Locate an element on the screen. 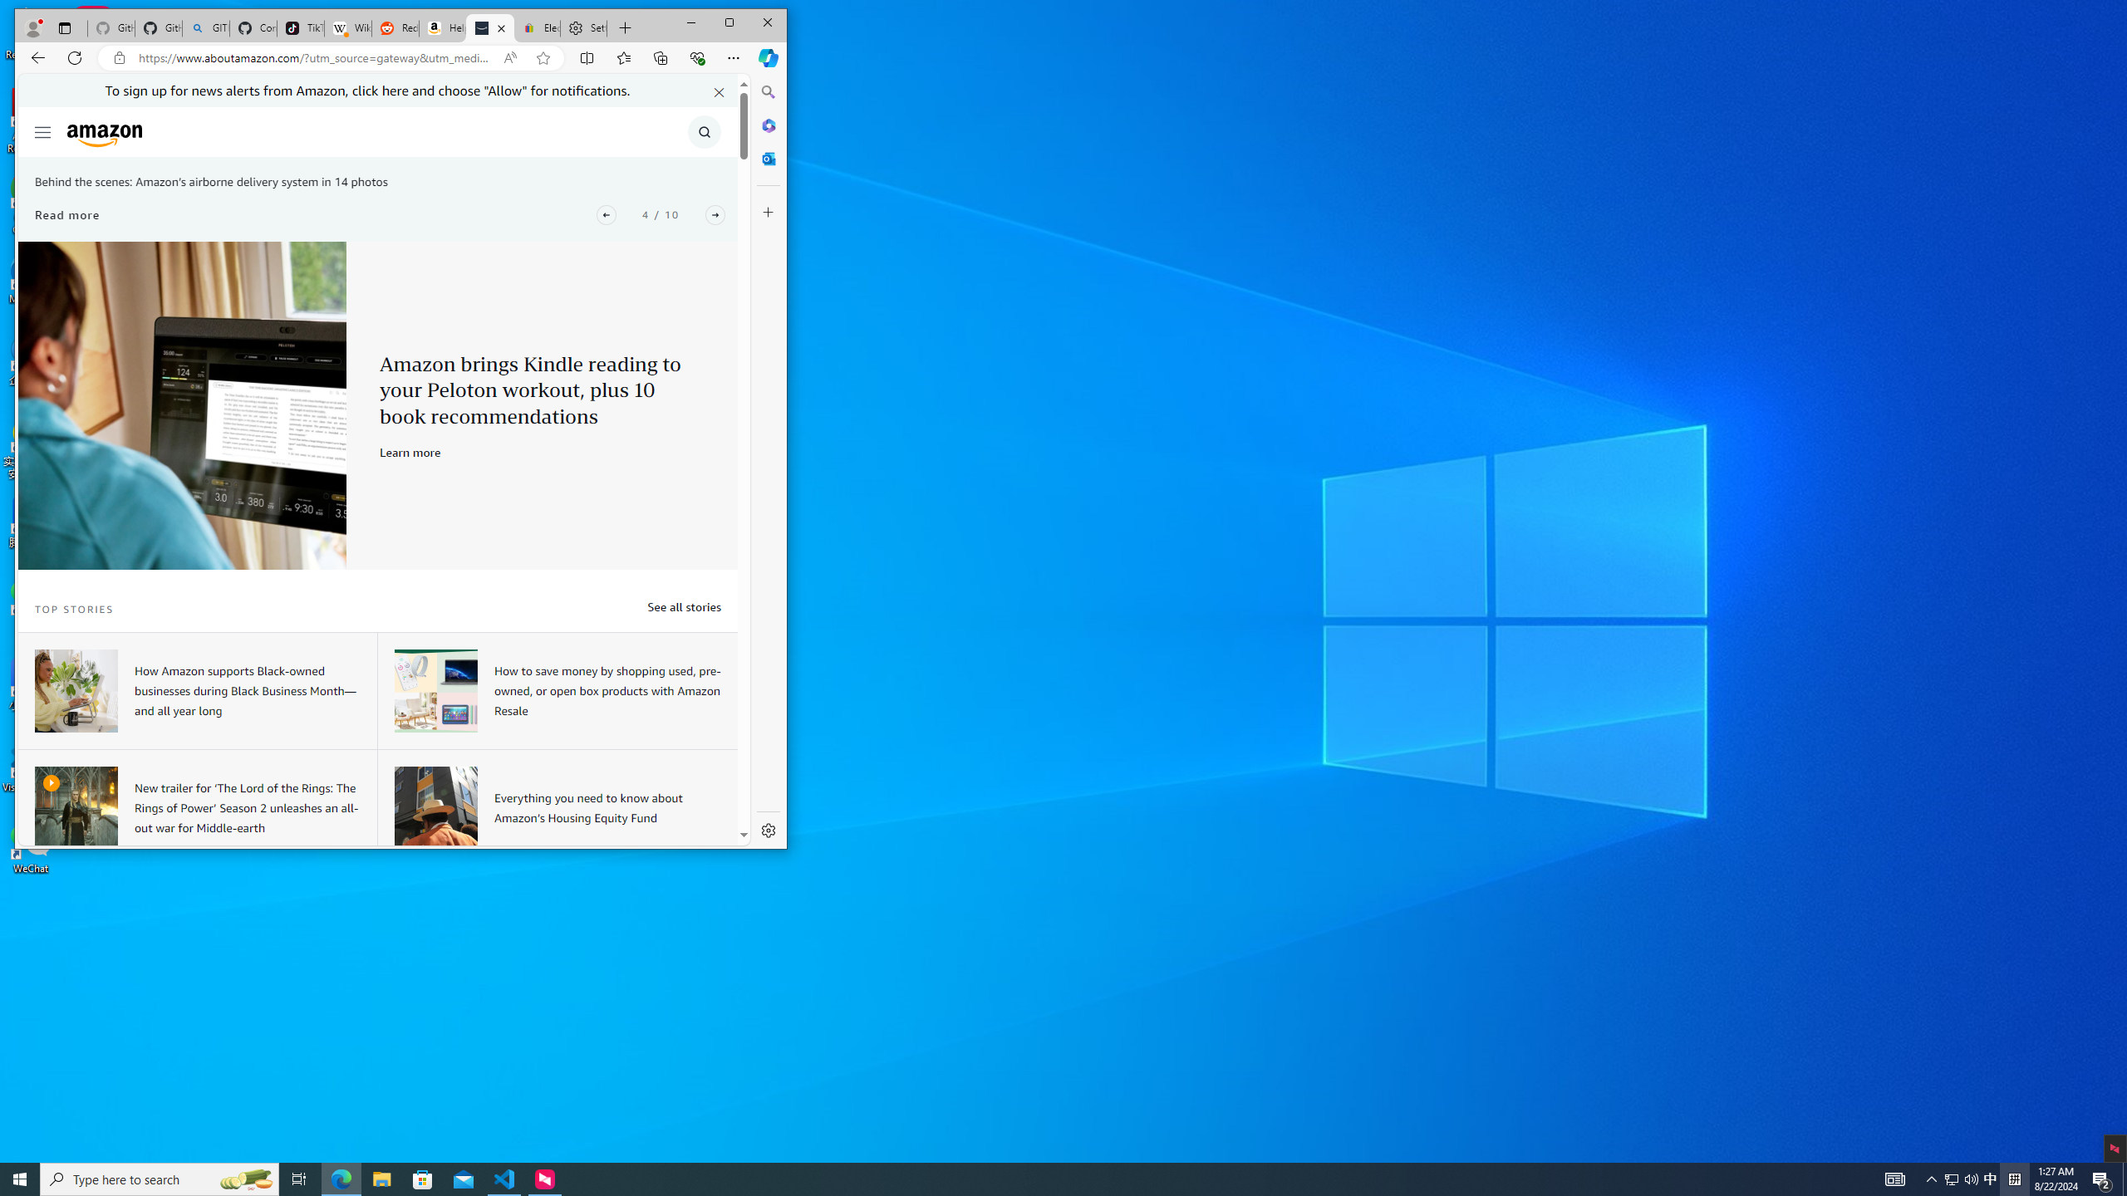 Image resolution: width=2127 pixels, height=1196 pixels. 'AutomationID: 4105' is located at coordinates (1894, 1178).